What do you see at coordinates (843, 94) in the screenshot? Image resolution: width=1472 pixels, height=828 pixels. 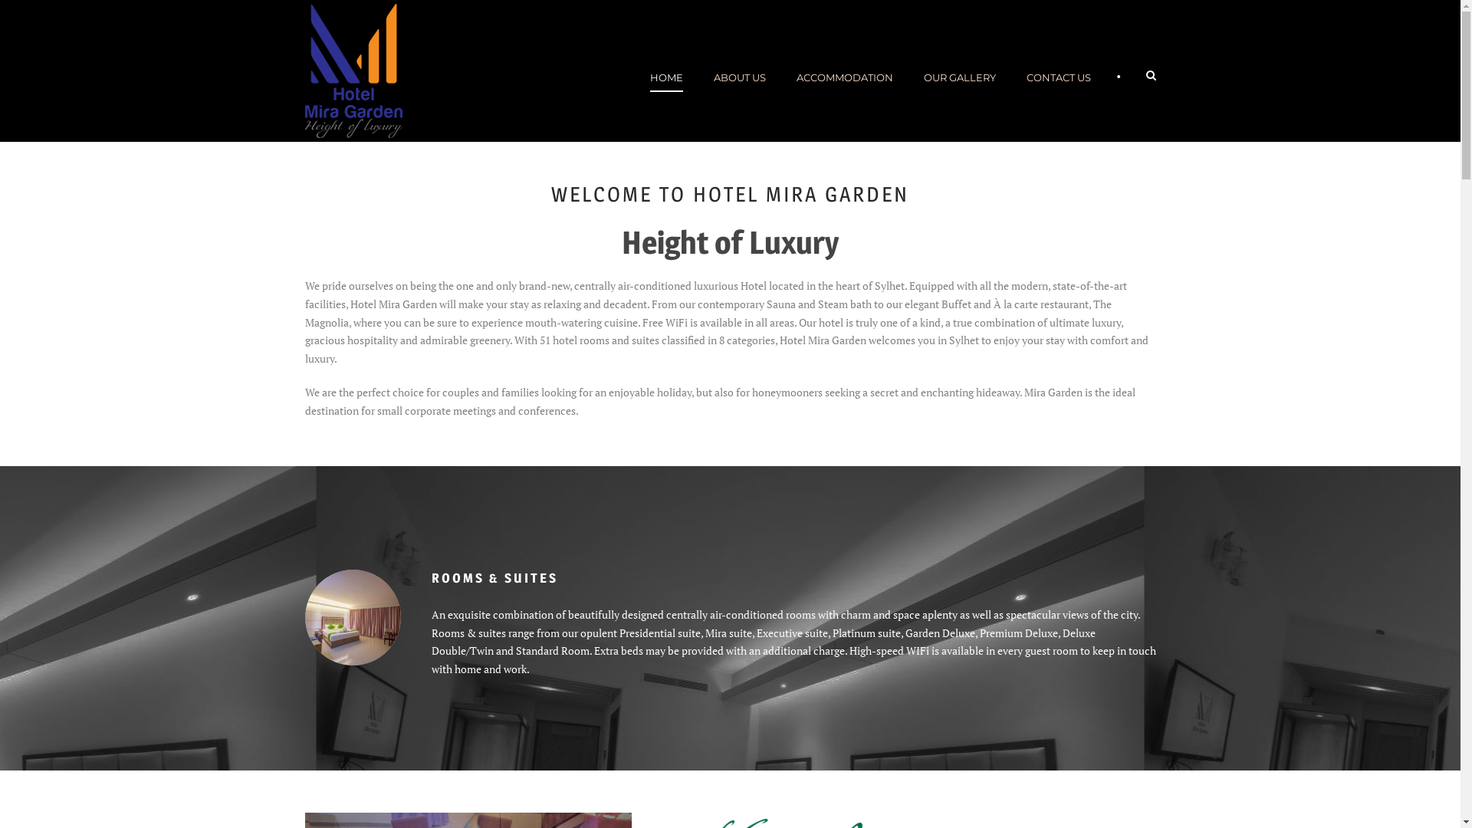 I see `'ACCOMMODATION'` at bounding box center [843, 94].